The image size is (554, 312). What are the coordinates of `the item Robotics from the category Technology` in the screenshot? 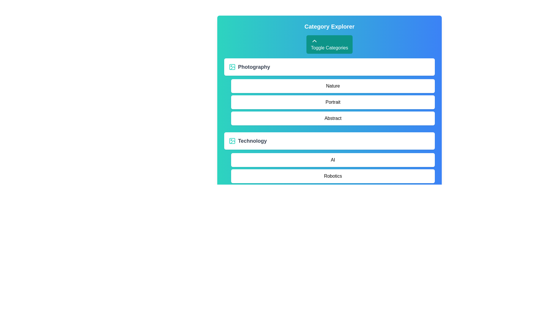 It's located at (333, 176).